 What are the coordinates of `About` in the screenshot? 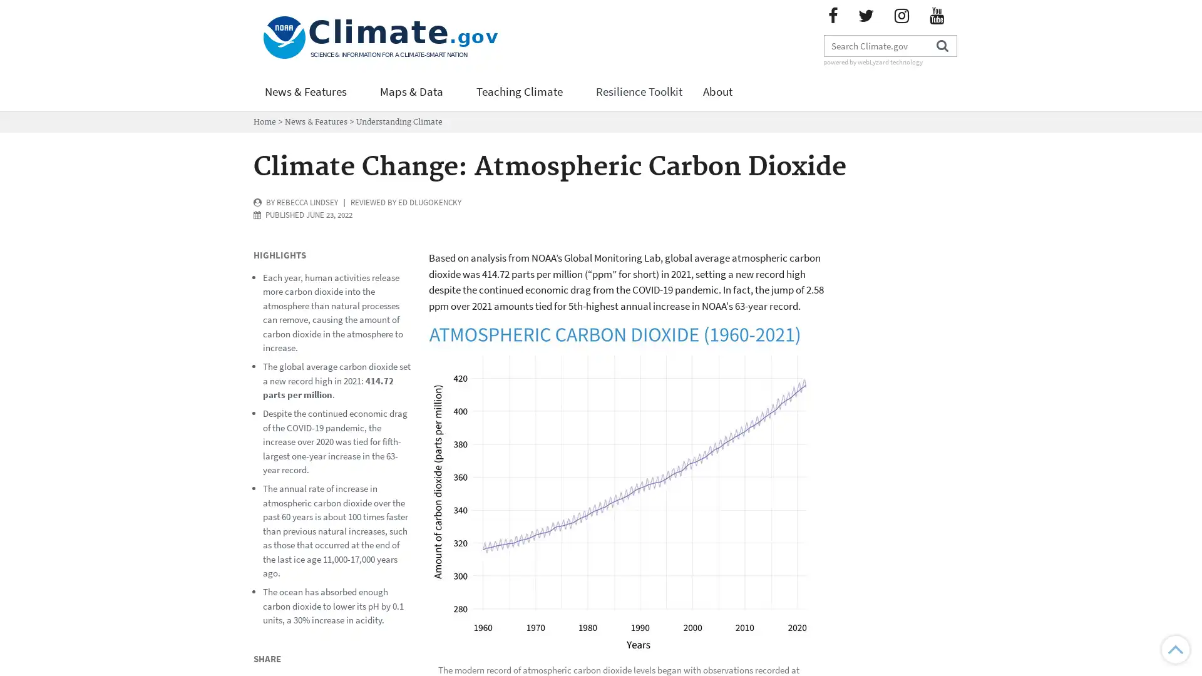 It's located at (724, 91).